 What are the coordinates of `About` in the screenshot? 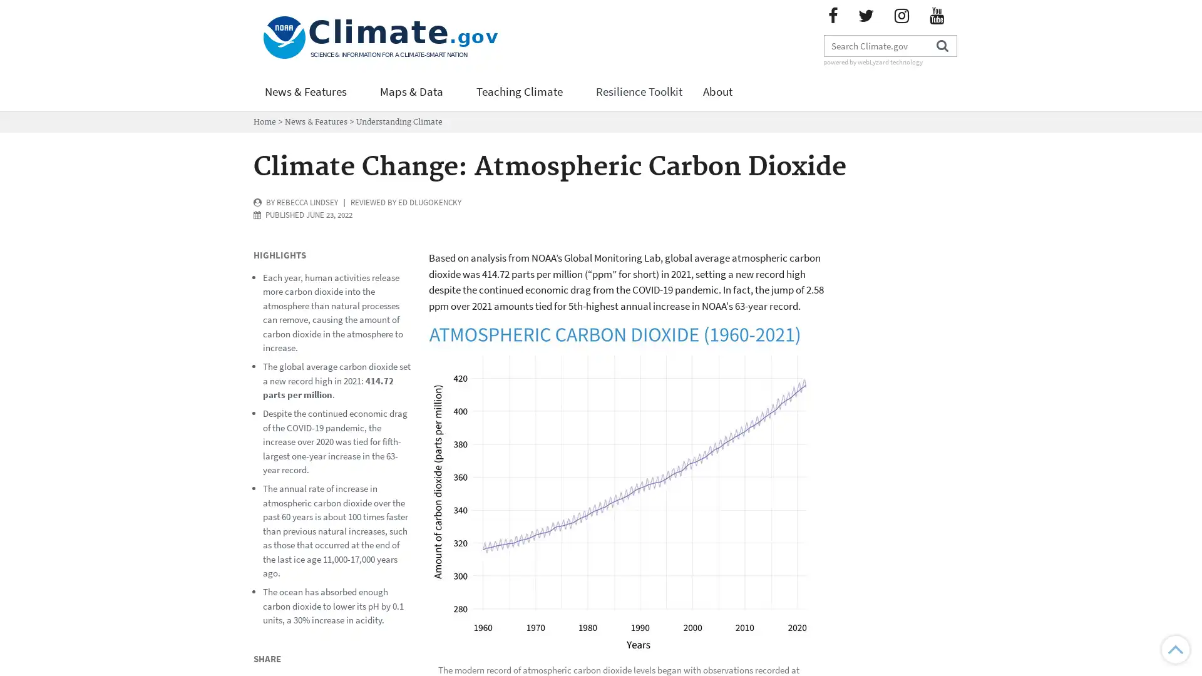 It's located at (724, 91).